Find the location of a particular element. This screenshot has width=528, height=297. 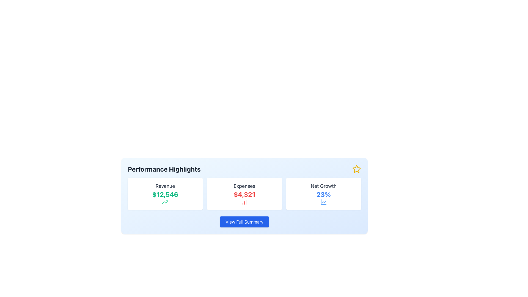

the information card displaying the net growth value ('23%') which is located in the rightmost column of a set of three horizontally aligned cards is located at coordinates (323, 194).